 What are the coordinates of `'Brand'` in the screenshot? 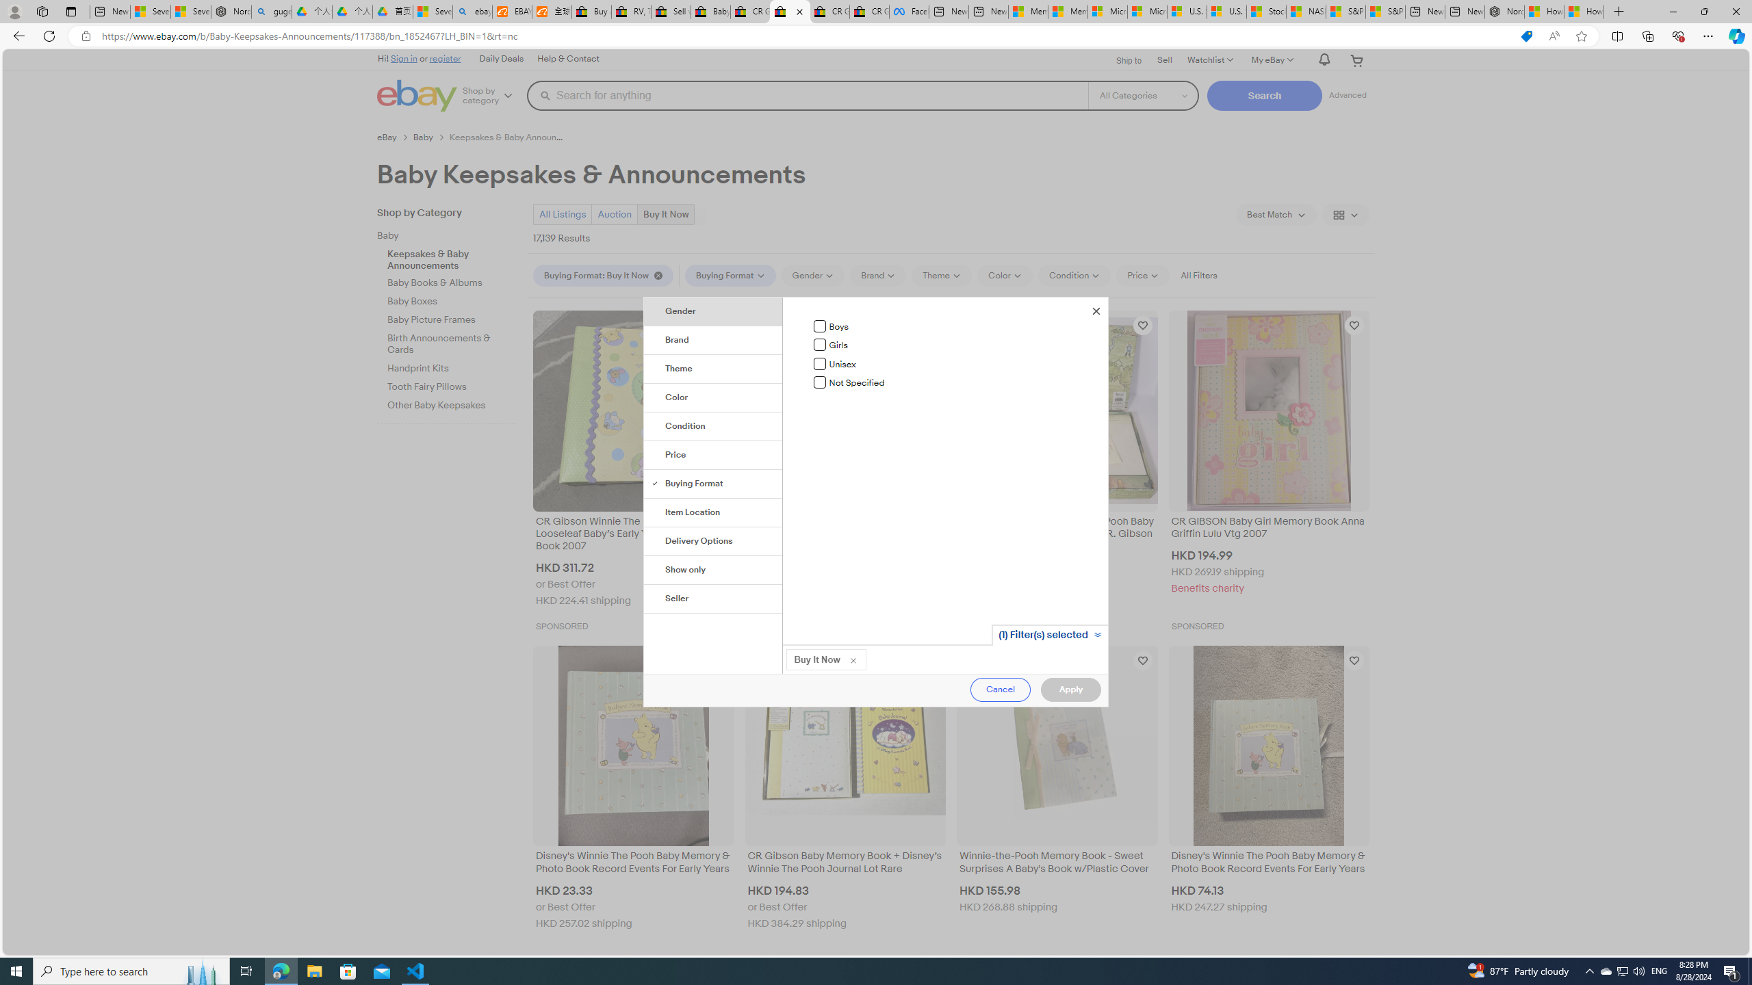 It's located at (714, 340).